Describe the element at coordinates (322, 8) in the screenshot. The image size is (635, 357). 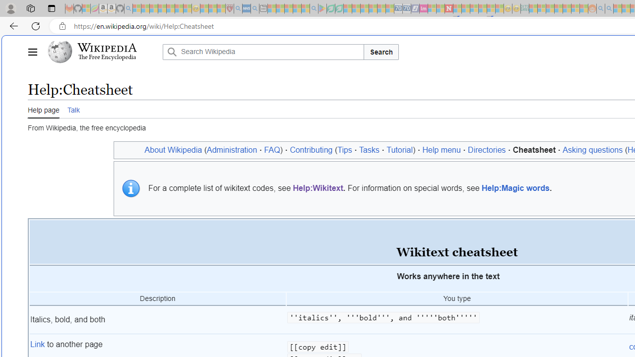
I see `'Bluey: Let'` at that location.